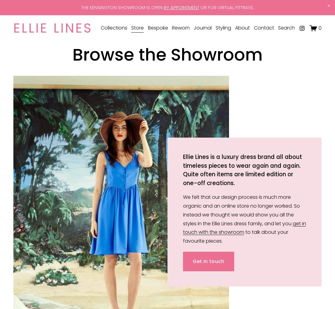  I want to click on 'Sweet Dreams Miss Tess', so click(98, 68).